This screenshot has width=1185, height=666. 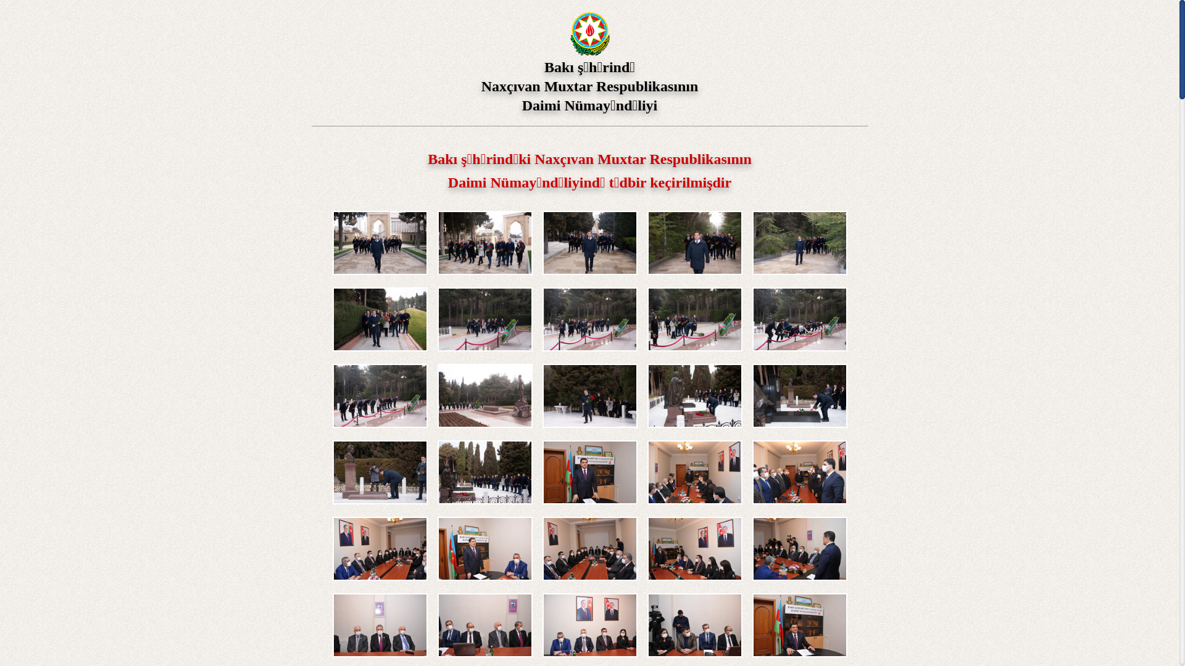 What do you see at coordinates (484, 318) in the screenshot?
I see `'Click to enlarge'` at bounding box center [484, 318].